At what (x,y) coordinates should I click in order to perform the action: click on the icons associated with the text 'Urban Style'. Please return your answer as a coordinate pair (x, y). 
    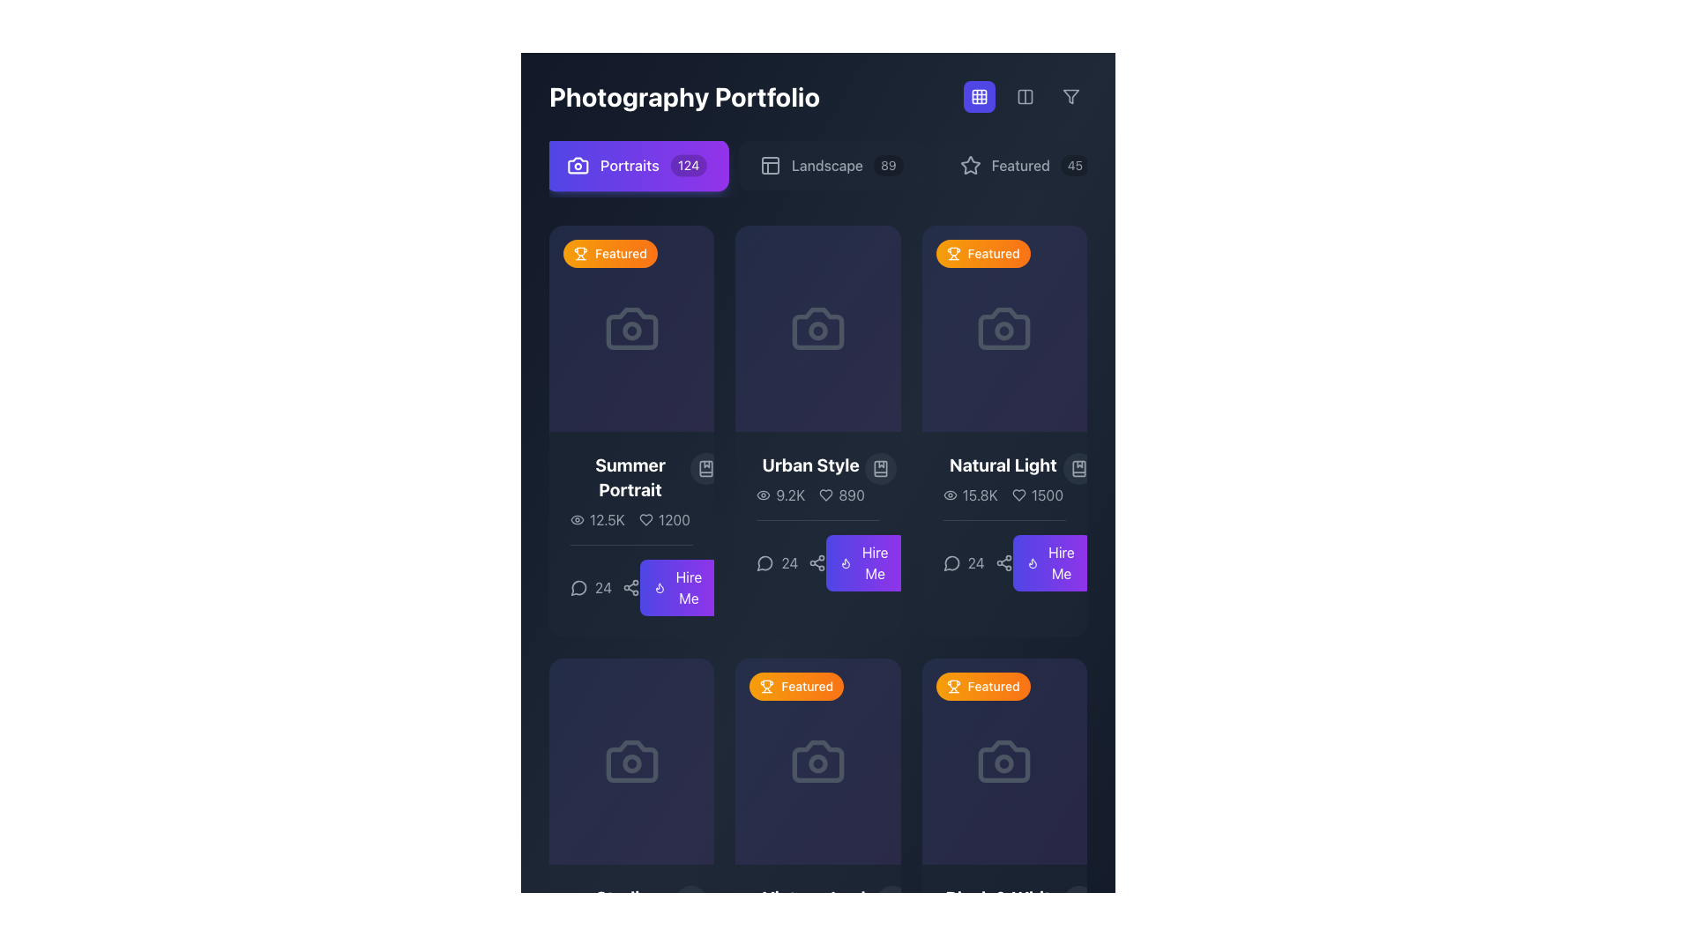
    Looking at the image, I should click on (817, 480).